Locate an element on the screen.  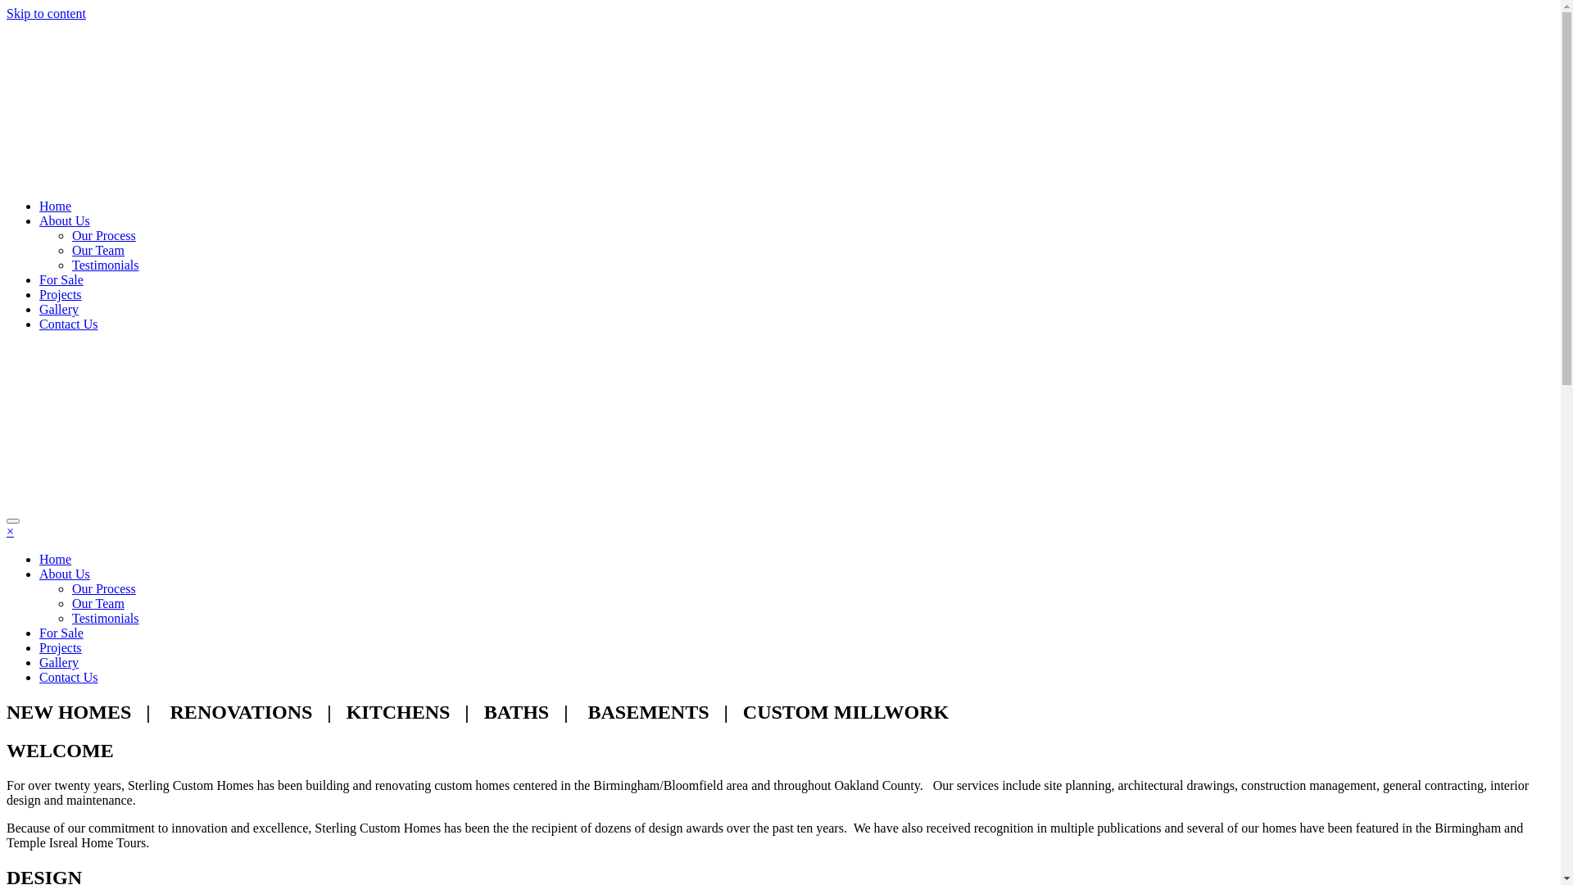
'Projects' is located at coordinates (60, 293).